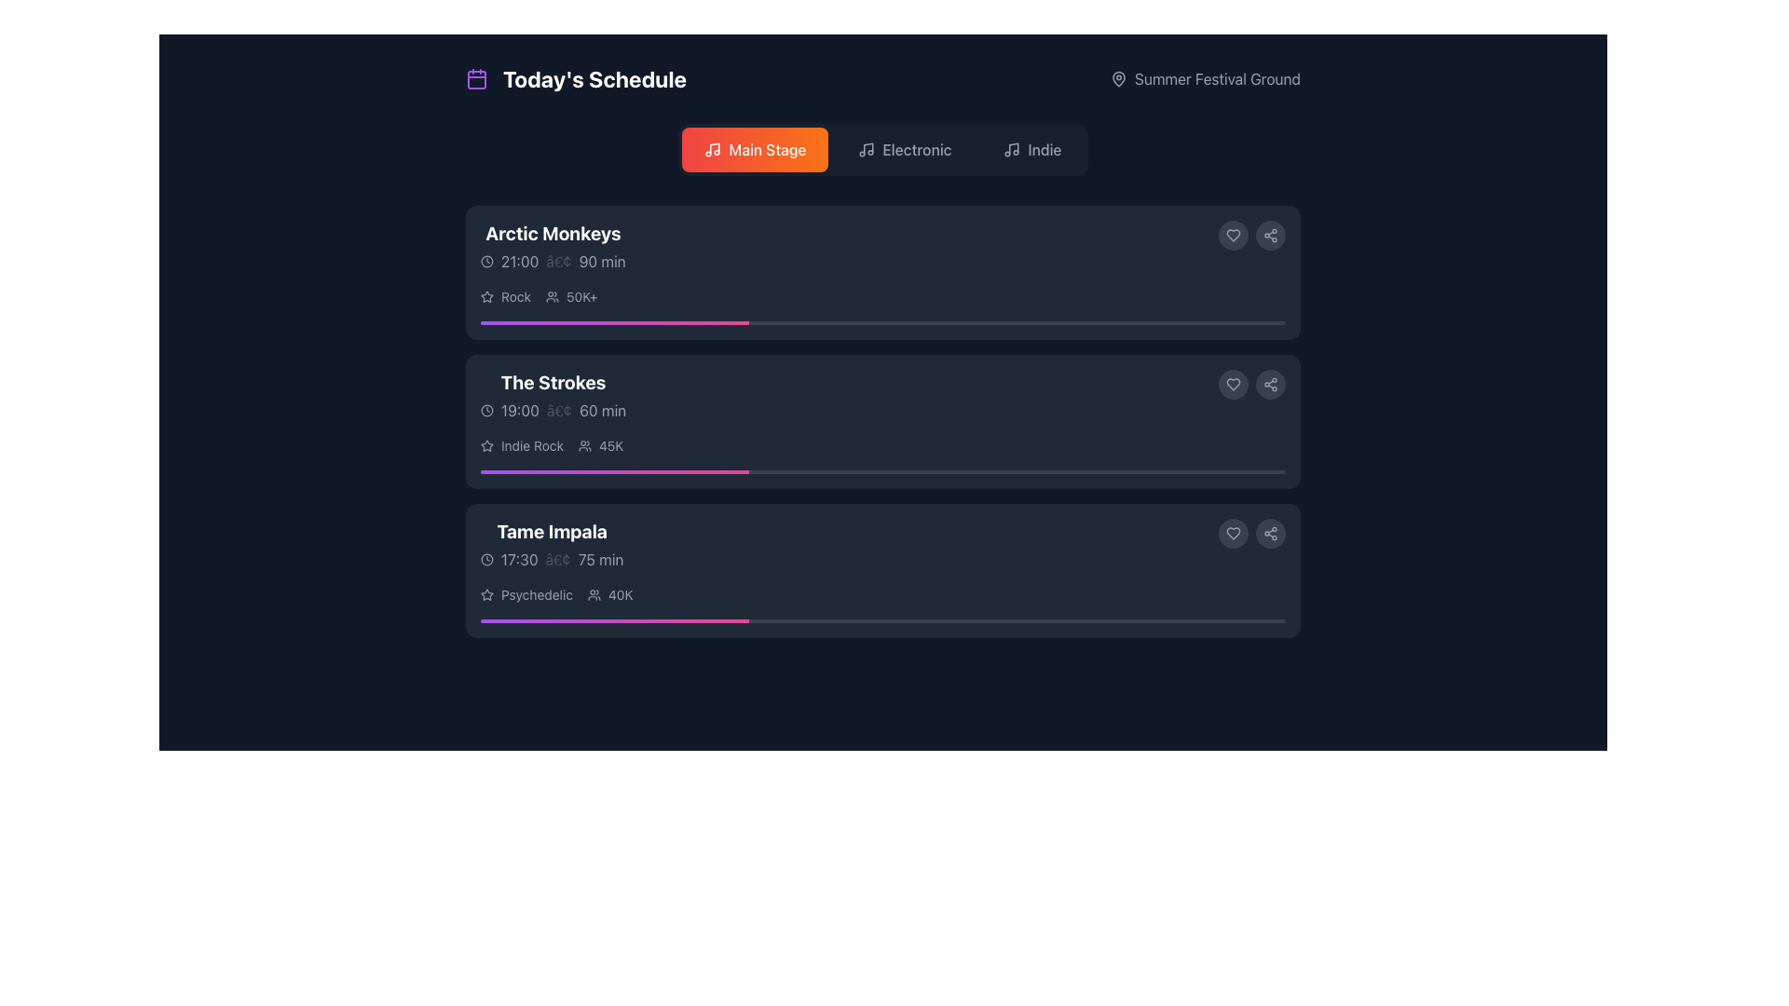 The width and height of the screenshot is (1789, 1006). I want to click on the decorative bullet element located between the time text ('21:00') and duration text ('90 min') in the event schedule layout, so click(558, 262).